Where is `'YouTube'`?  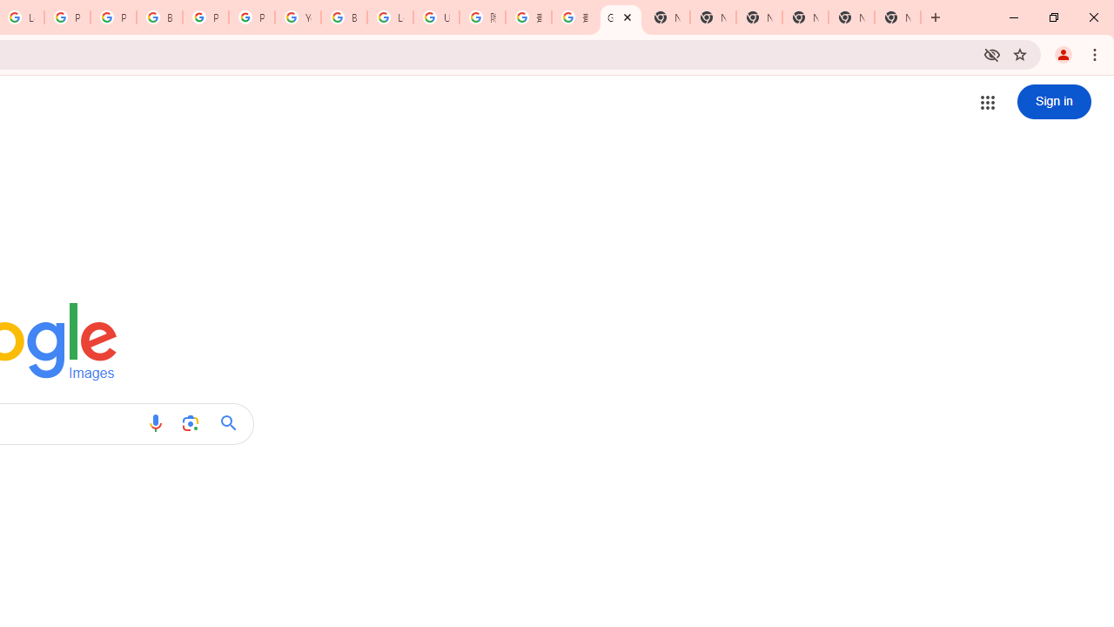 'YouTube' is located at coordinates (298, 17).